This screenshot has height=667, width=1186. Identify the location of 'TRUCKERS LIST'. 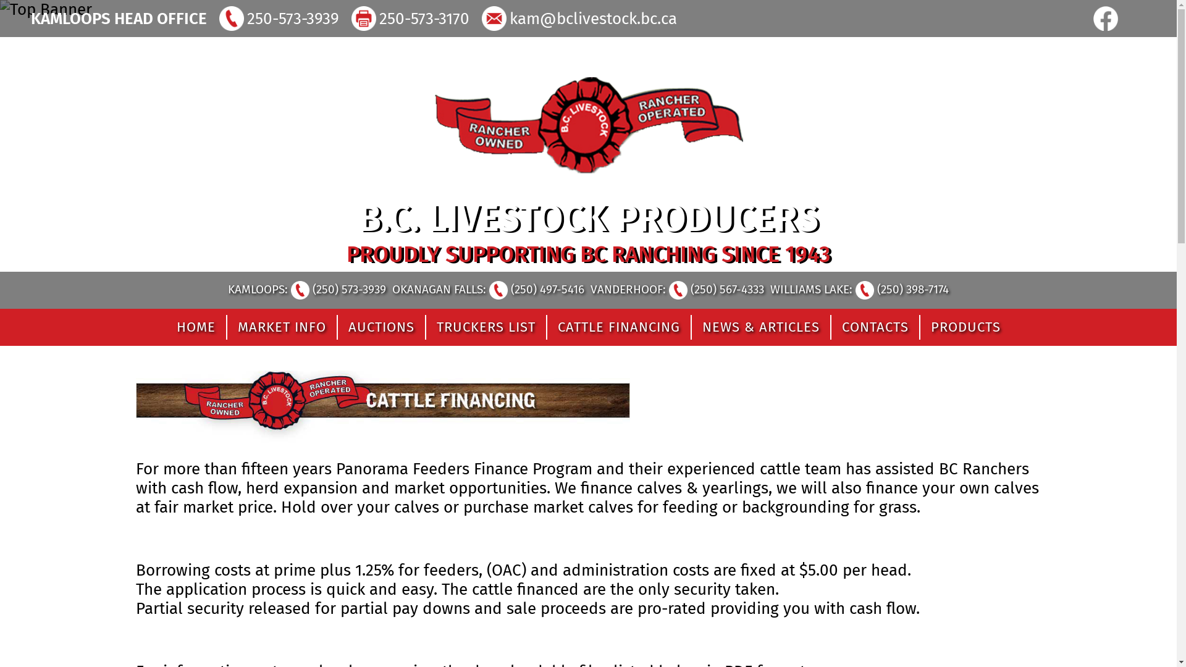
(485, 326).